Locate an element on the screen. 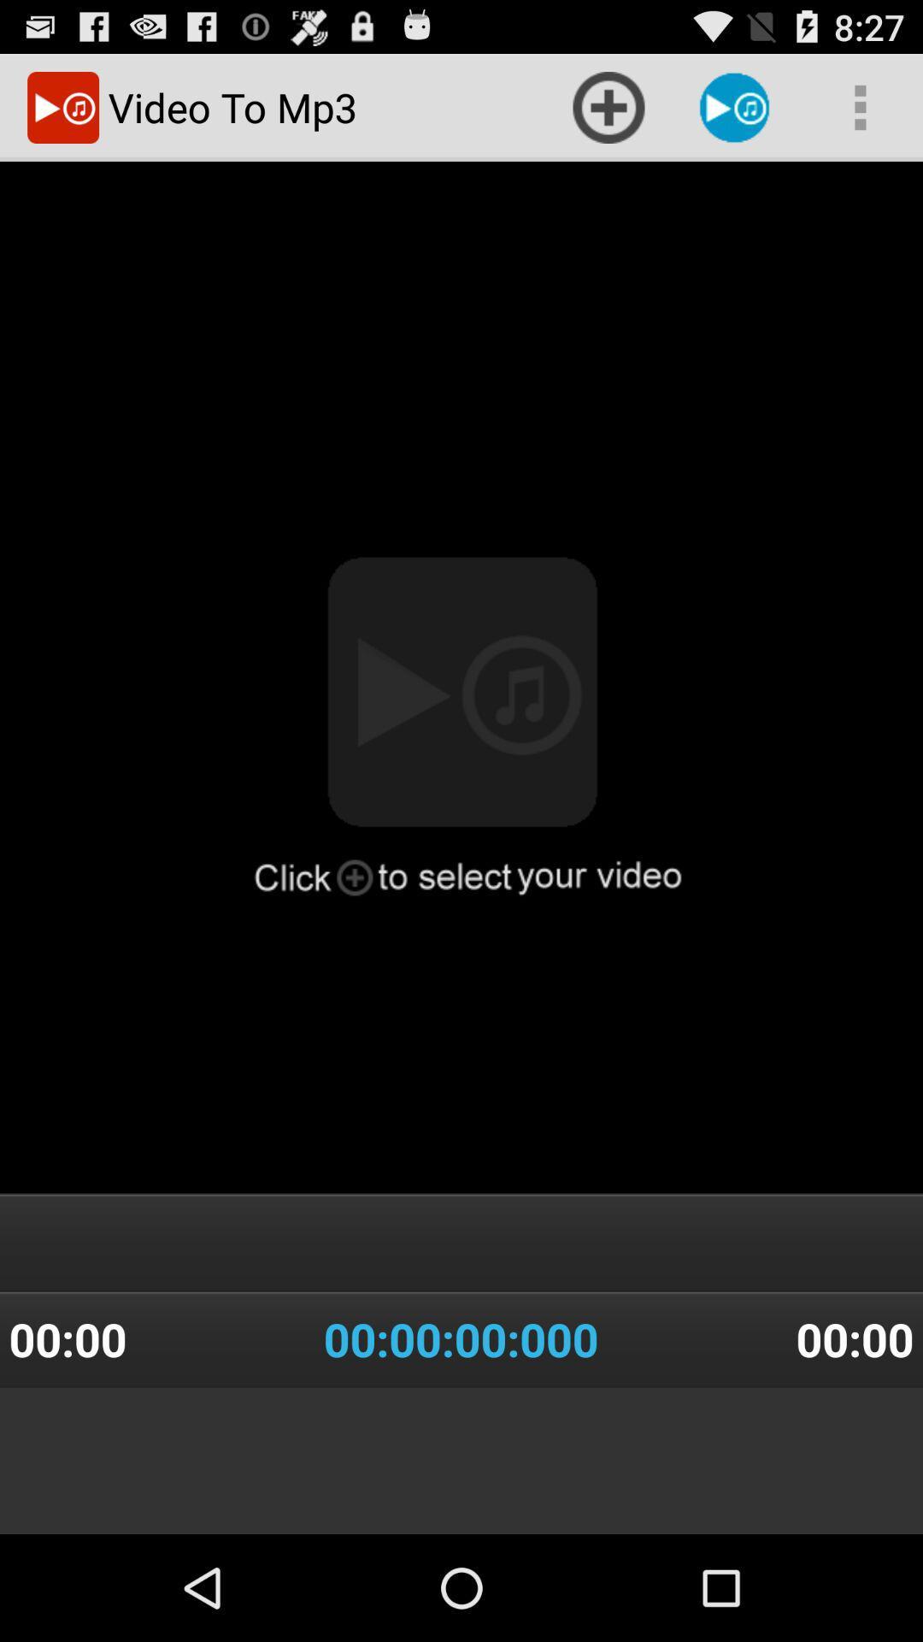 The width and height of the screenshot is (923, 1642). the item above the 00 00 00 item is located at coordinates (460, 773).